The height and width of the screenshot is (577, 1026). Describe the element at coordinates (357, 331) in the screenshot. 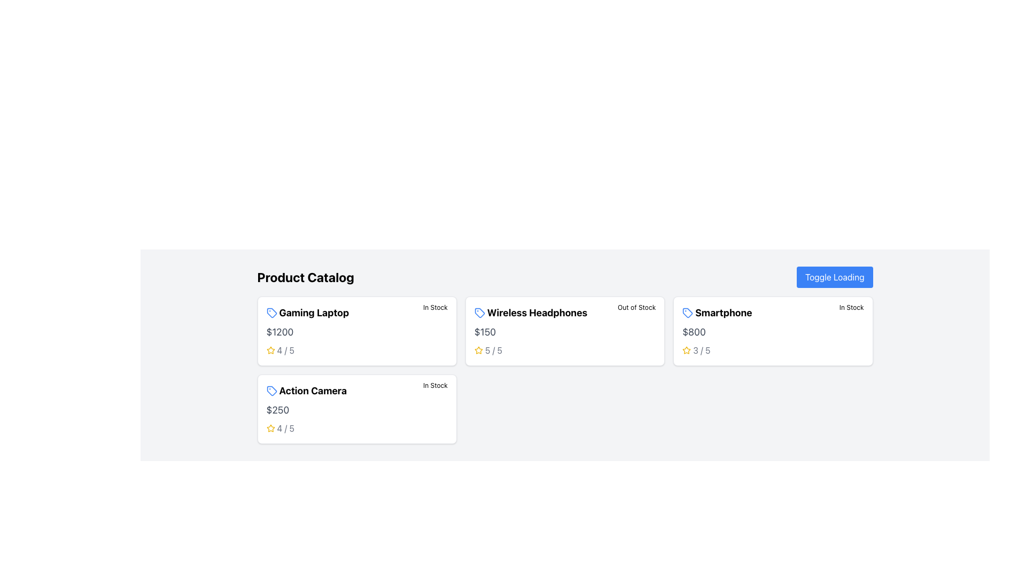

I see `the product card representing the gaming laptop, which is the first tile in the grid layout located at the top-left position` at that location.